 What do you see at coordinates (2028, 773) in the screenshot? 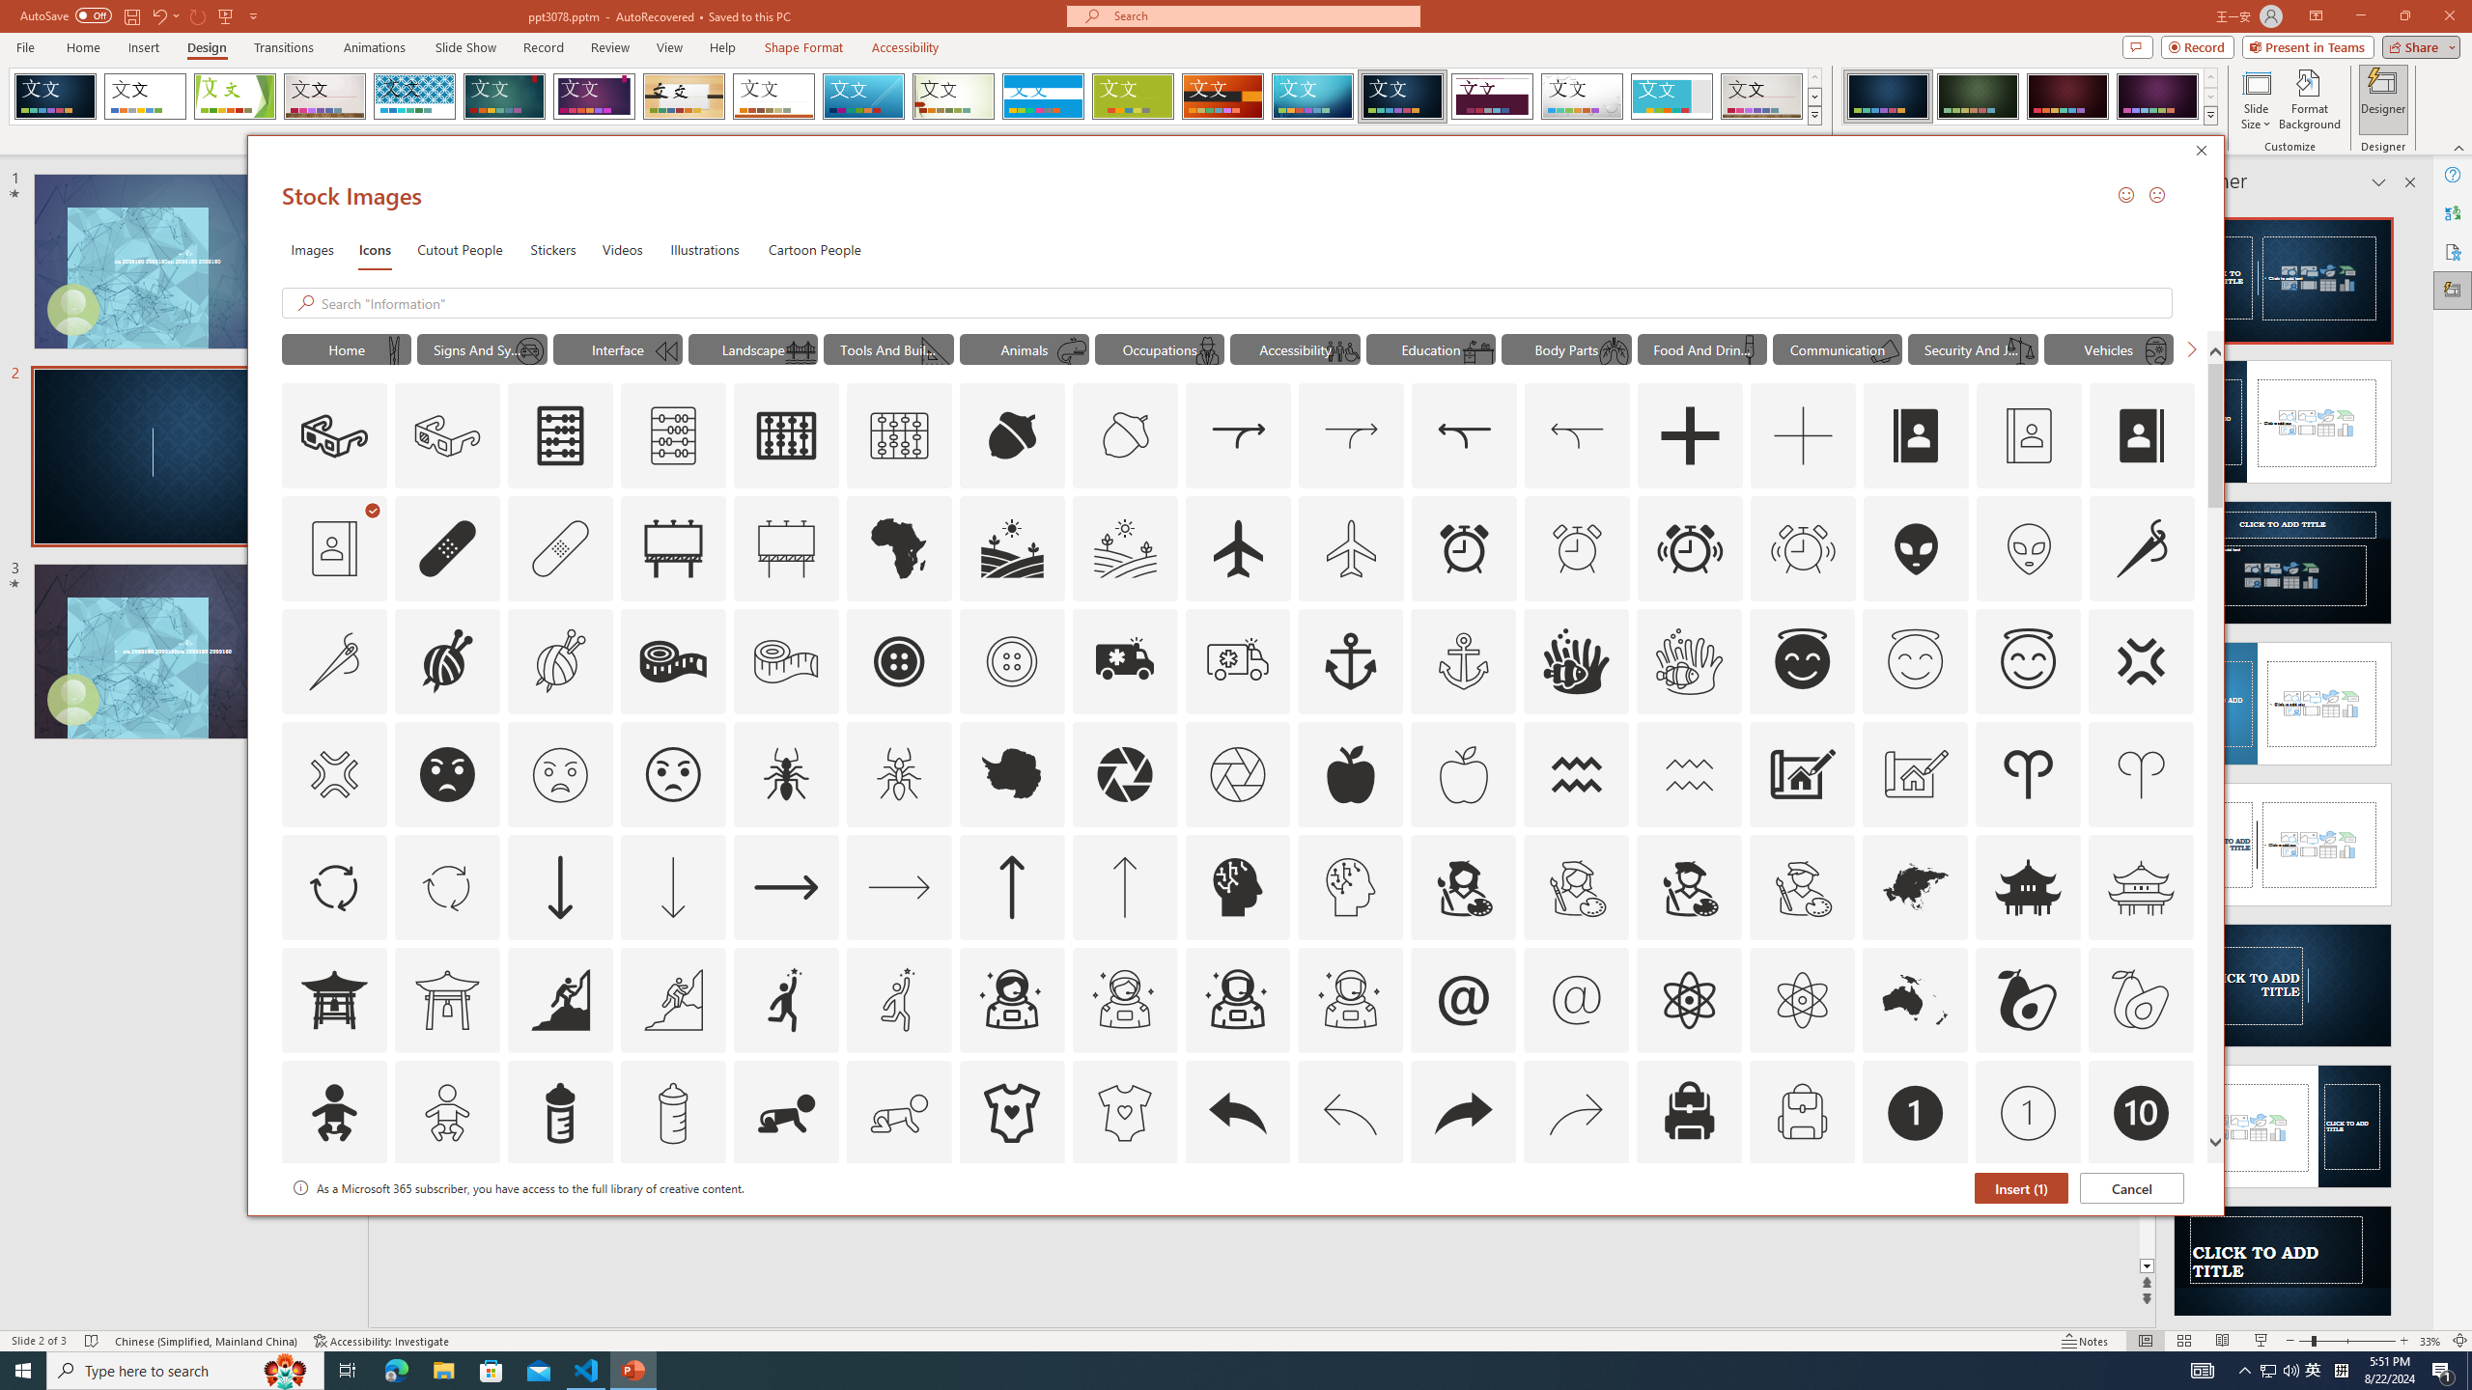
I see `'AutomationID: Icons_Aries'` at bounding box center [2028, 773].